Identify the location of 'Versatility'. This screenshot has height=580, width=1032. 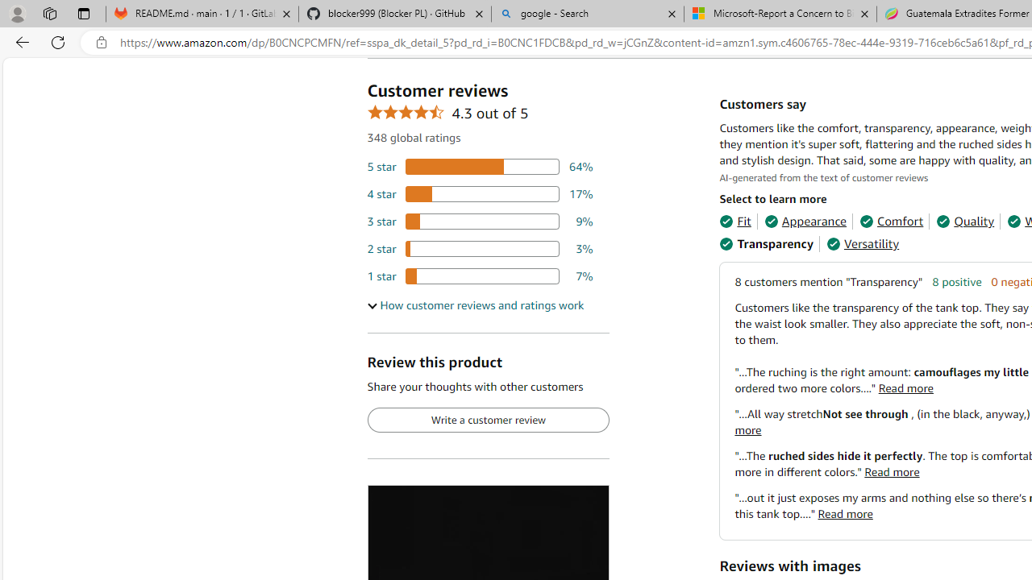
(862, 244).